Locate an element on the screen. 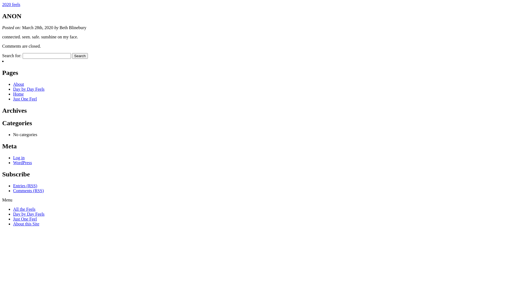  'About this Site' is located at coordinates (26, 224).